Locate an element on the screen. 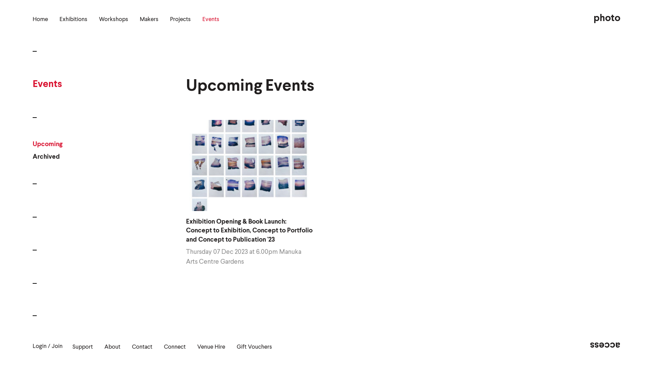 The image size is (653, 367). 'access' is located at coordinates (589, 345).